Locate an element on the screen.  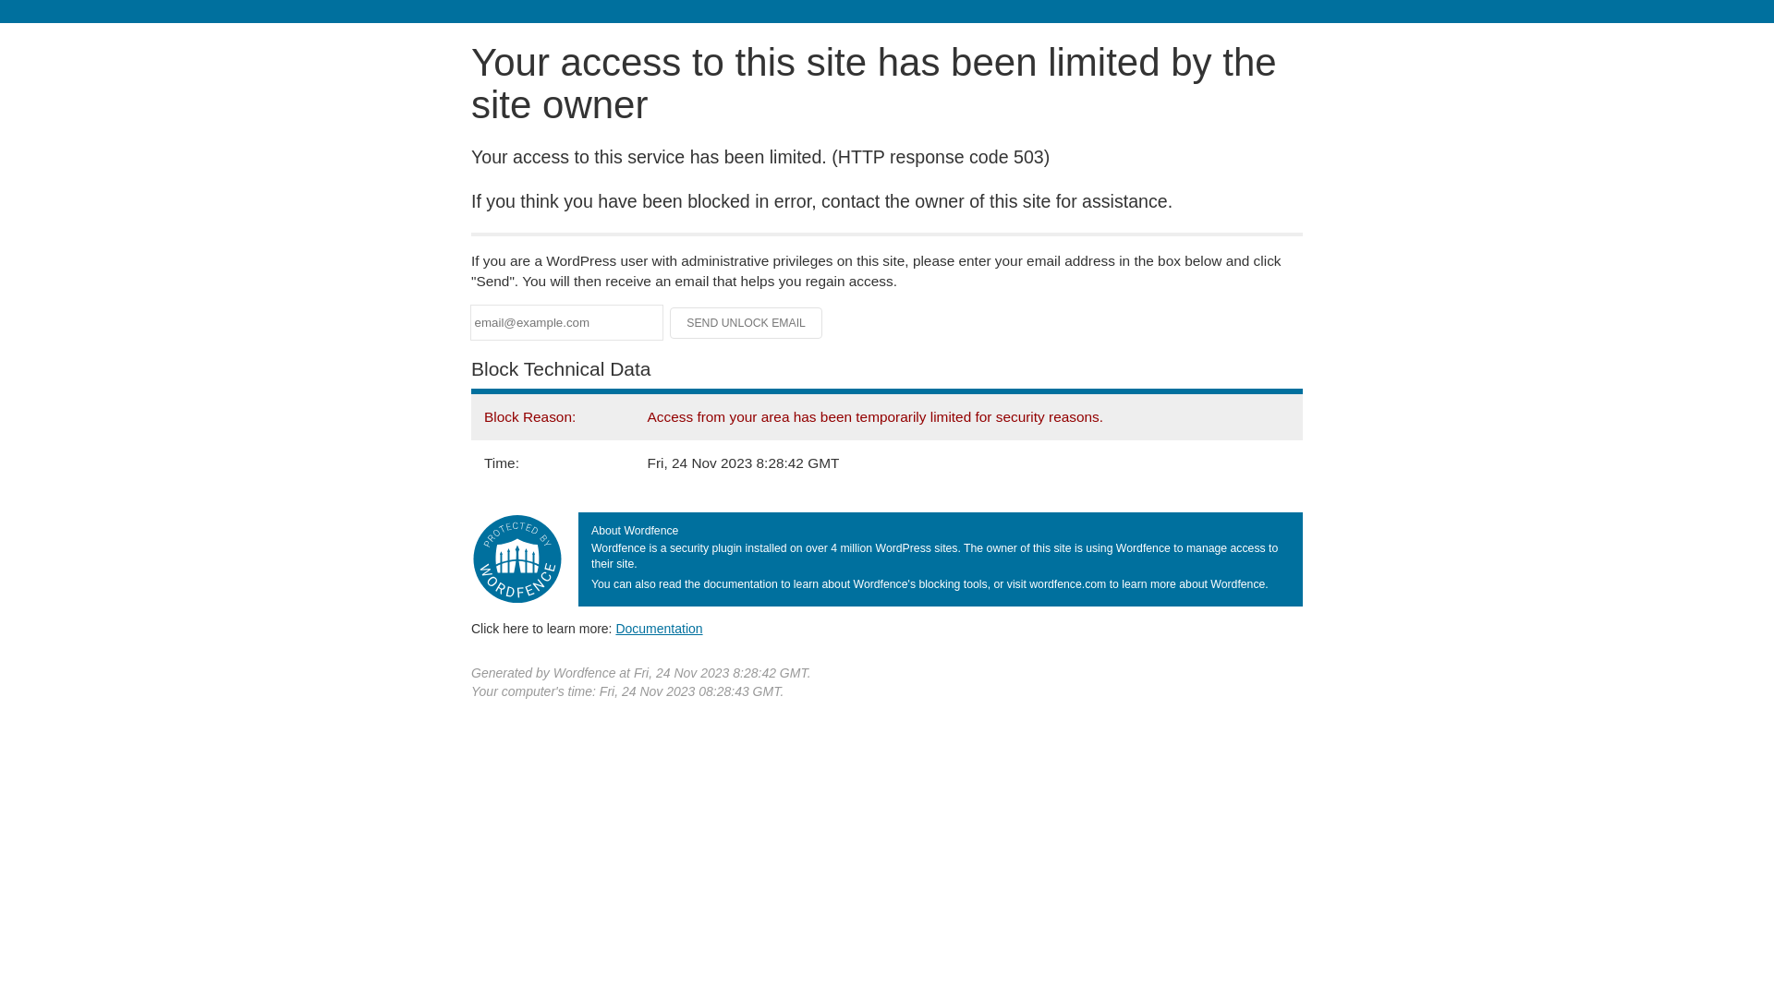
'Send Unlock Email' is located at coordinates (746, 322).